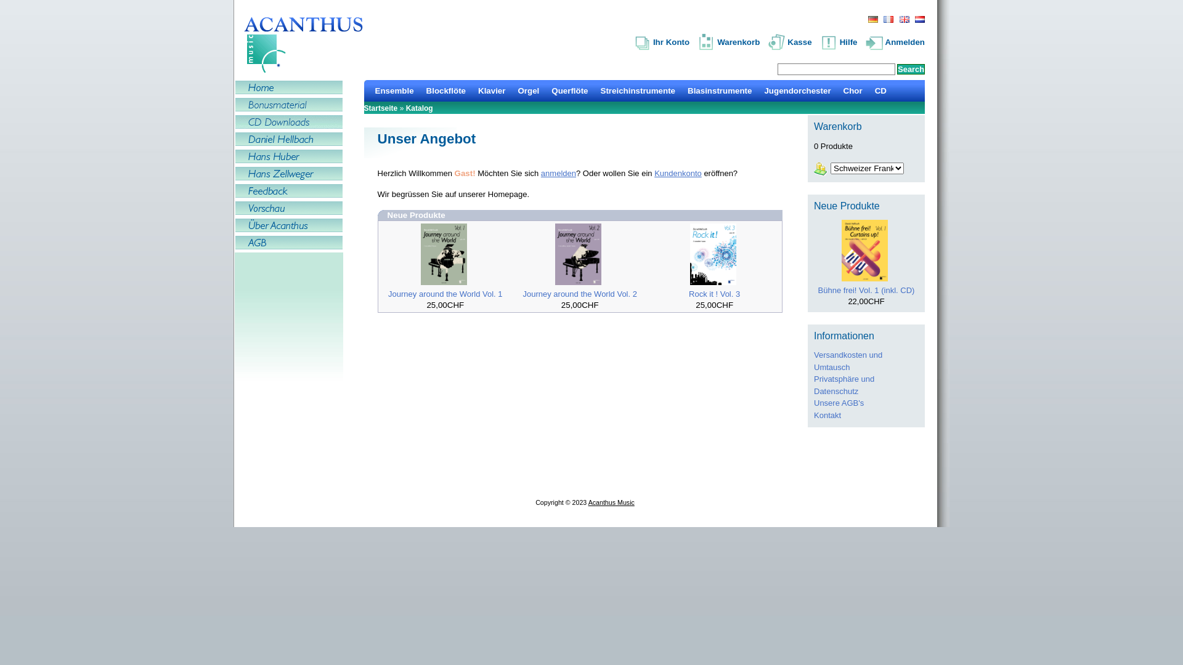 Image resolution: width=1183 pixels, height=665 pixels. What do you see at coordinates (919, 19) in the screenshot?
I see `' Dutch '` at bounding box center [919, 19].